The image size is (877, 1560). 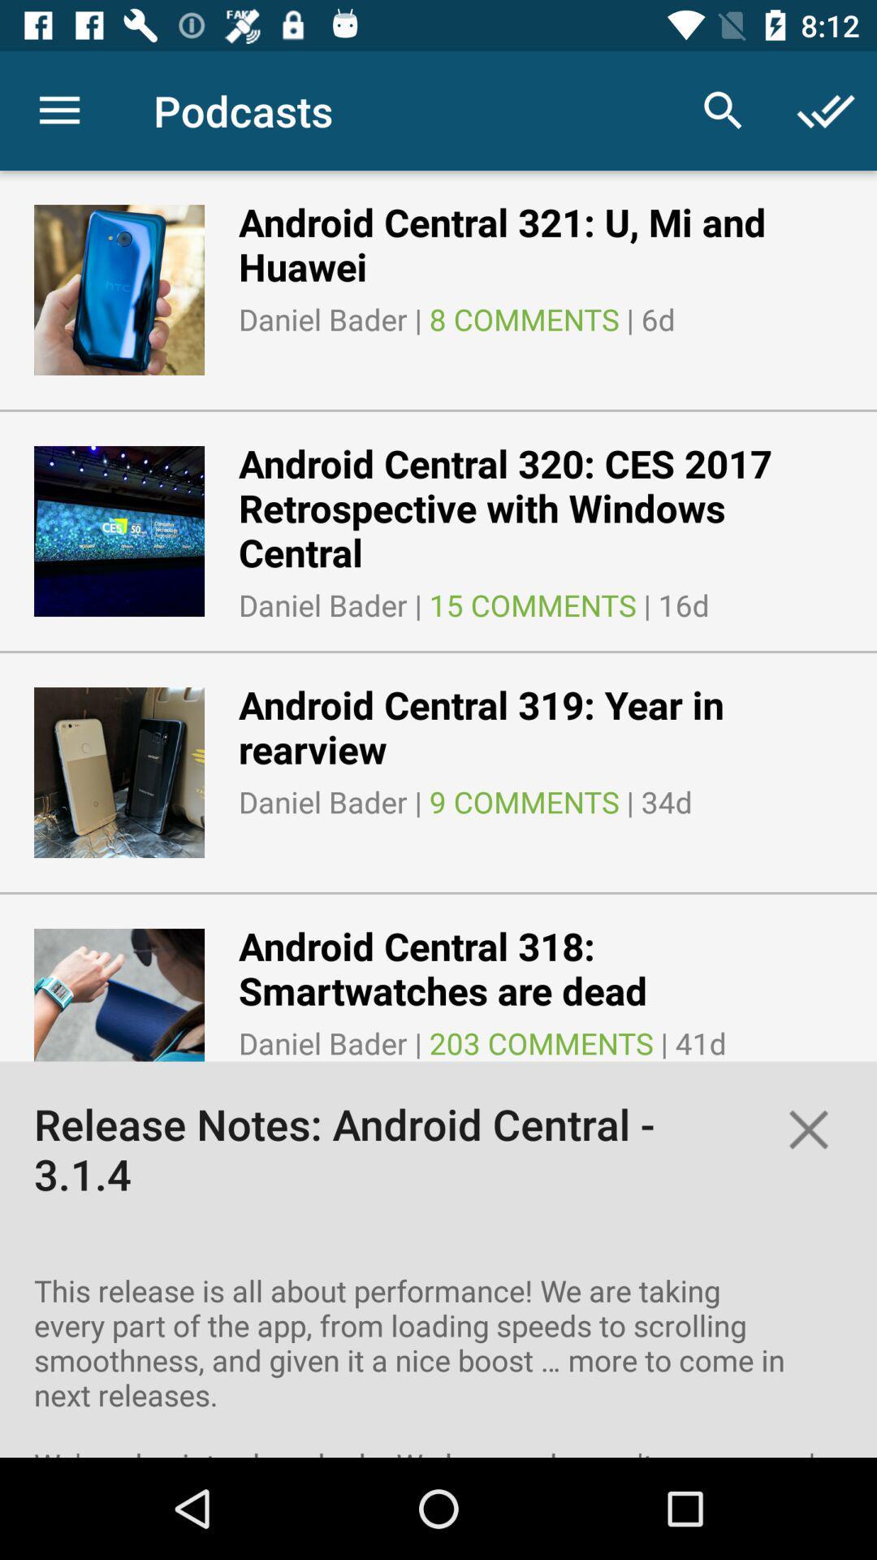 What do you see at coordinates (808, 1129) in the screenshot?
I see `the close icon` at bounding box center [808, 1129].